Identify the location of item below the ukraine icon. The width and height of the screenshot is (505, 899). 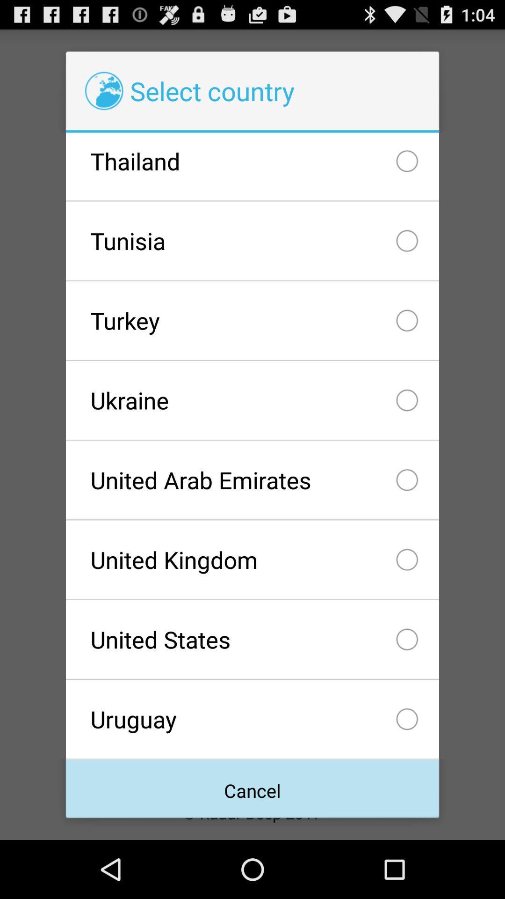
(252, 480).